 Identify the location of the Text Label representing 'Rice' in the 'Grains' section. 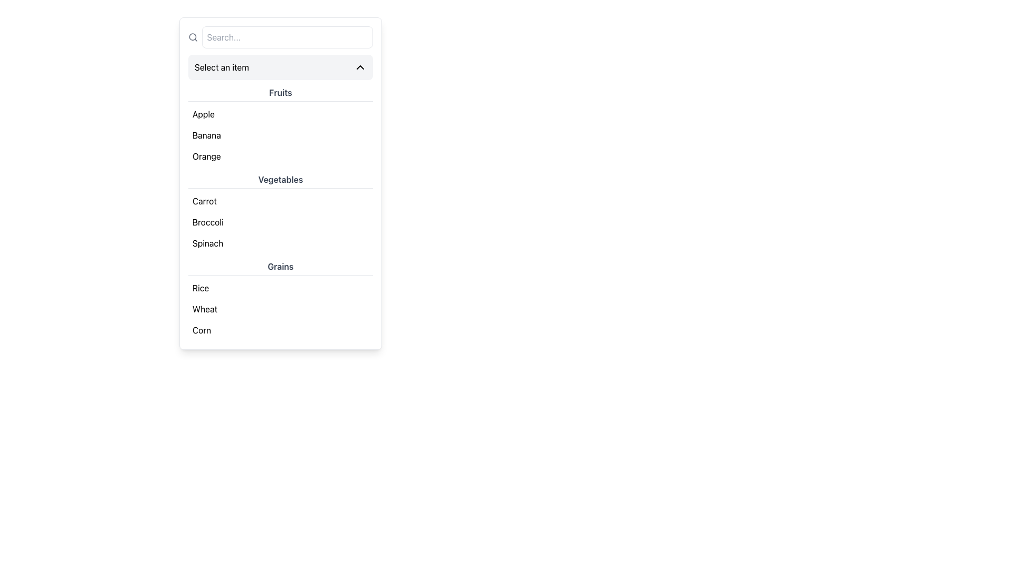
(200, 288).